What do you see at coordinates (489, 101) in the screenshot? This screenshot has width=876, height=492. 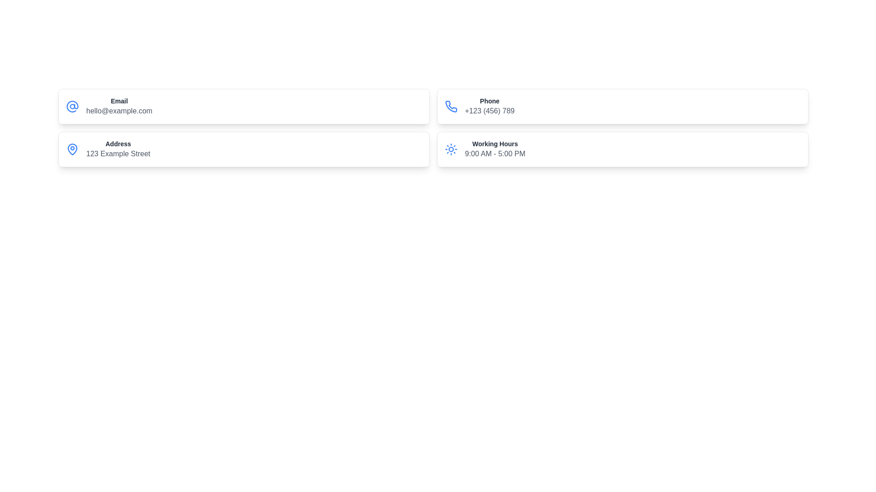 I see `the text label reading 'Phone' located in the top-right quadrant of the page, styled in a smaller bold font and dark gray color, part of the right-side contact information section` at bounding box center [489, 101].